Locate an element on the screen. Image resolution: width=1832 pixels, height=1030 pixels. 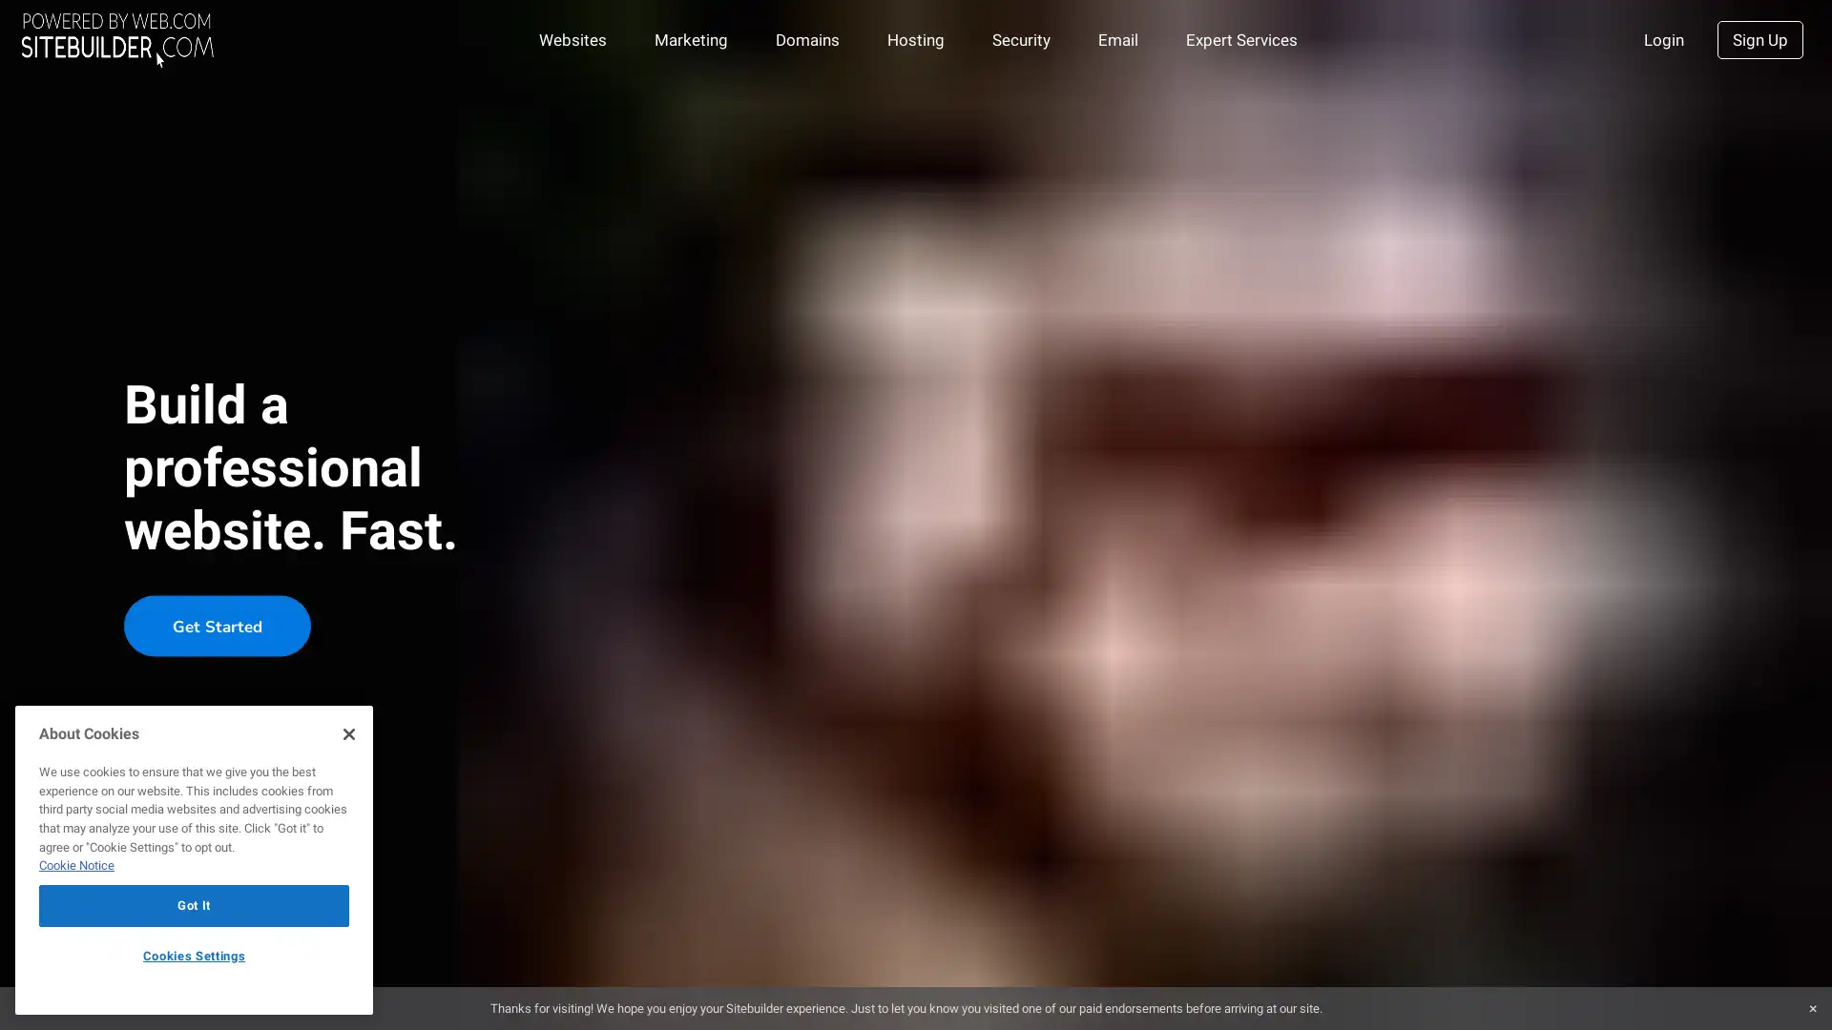
Close is located at coordinates (348, 731).